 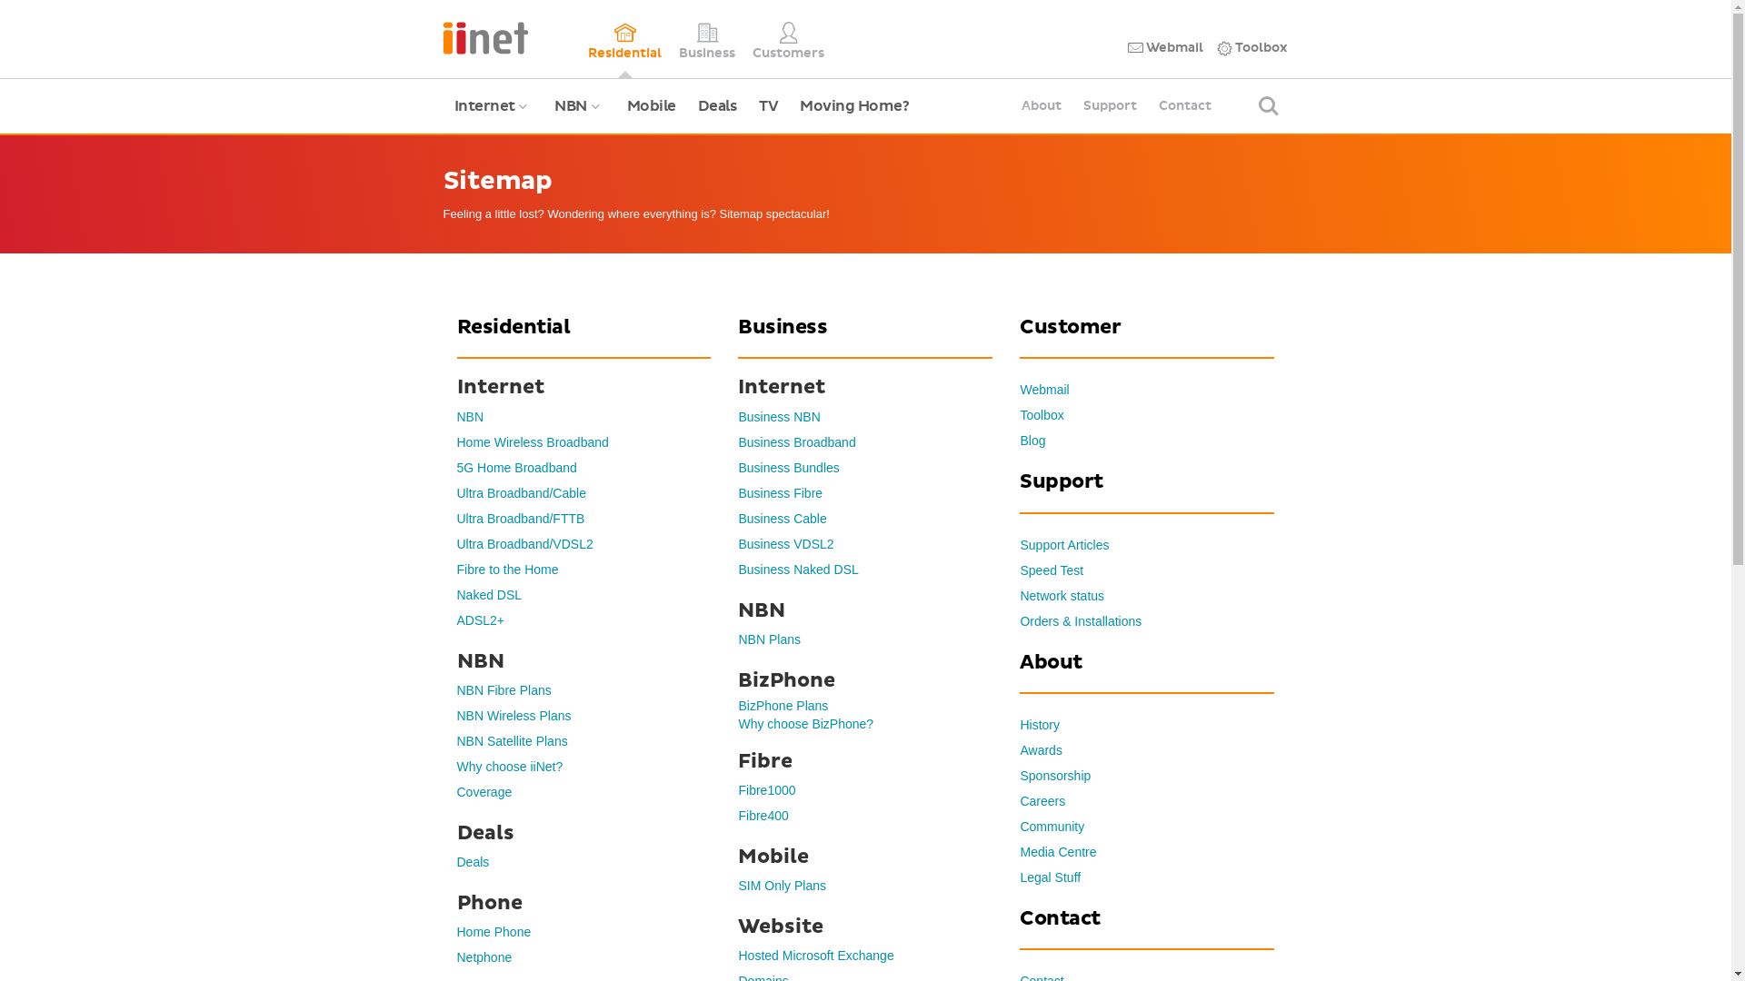 I want to click on 'Speed Test', so click(x=1051, y=570).